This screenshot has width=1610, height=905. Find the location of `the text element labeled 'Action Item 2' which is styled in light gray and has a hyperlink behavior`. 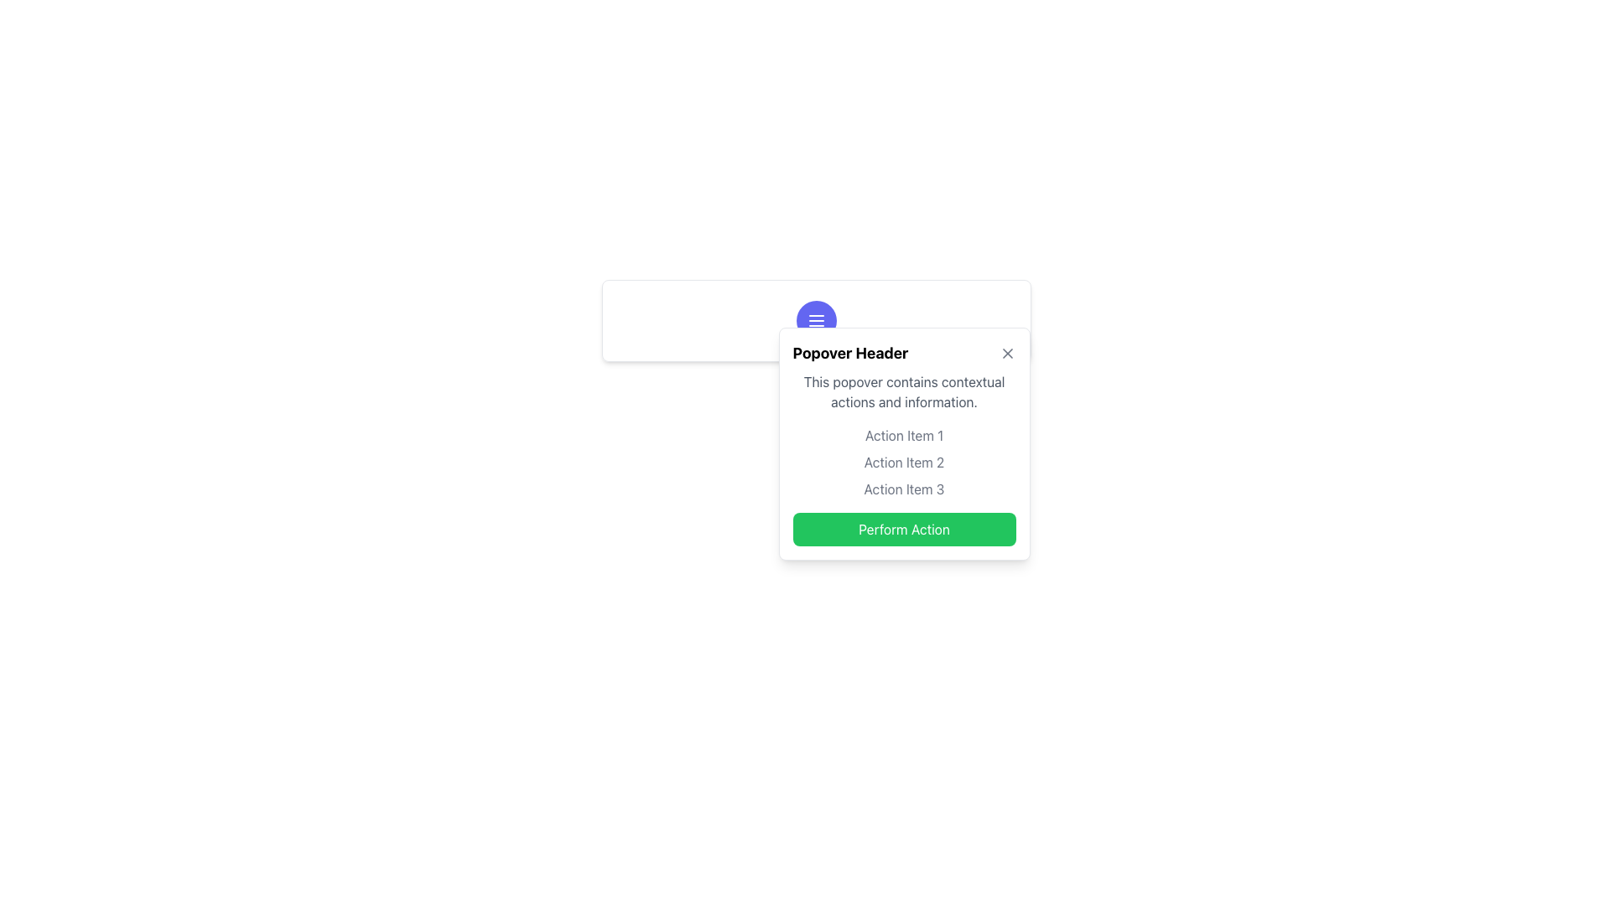

the text element labeled 'Action Item 2' which is styled in light gray and has a hyperlink behavior is located at coordinates (903, 462).